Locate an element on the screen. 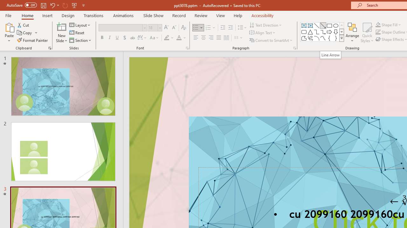 The image size is (407, 228). 'Layout' is located at coordinates (80, 25).